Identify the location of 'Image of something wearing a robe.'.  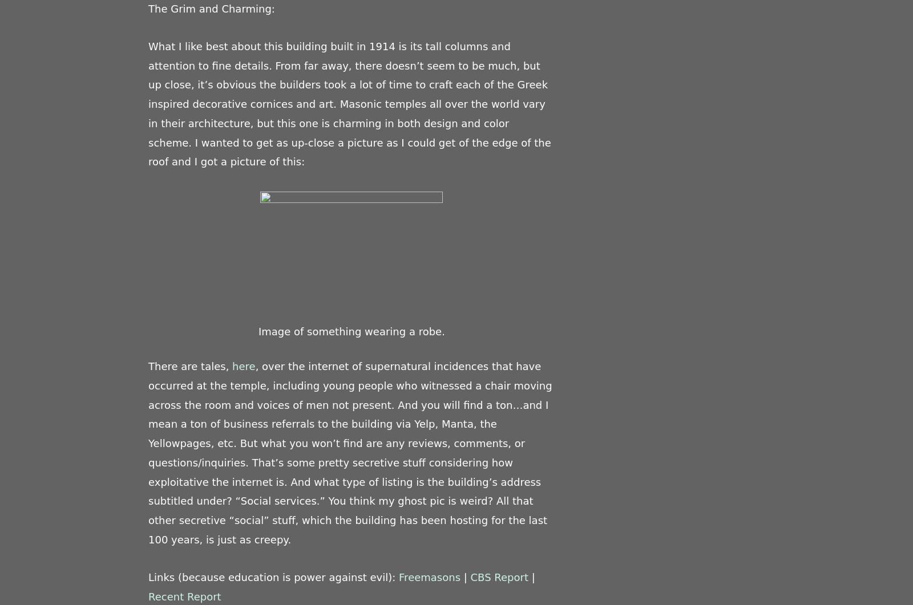
(351, 331).